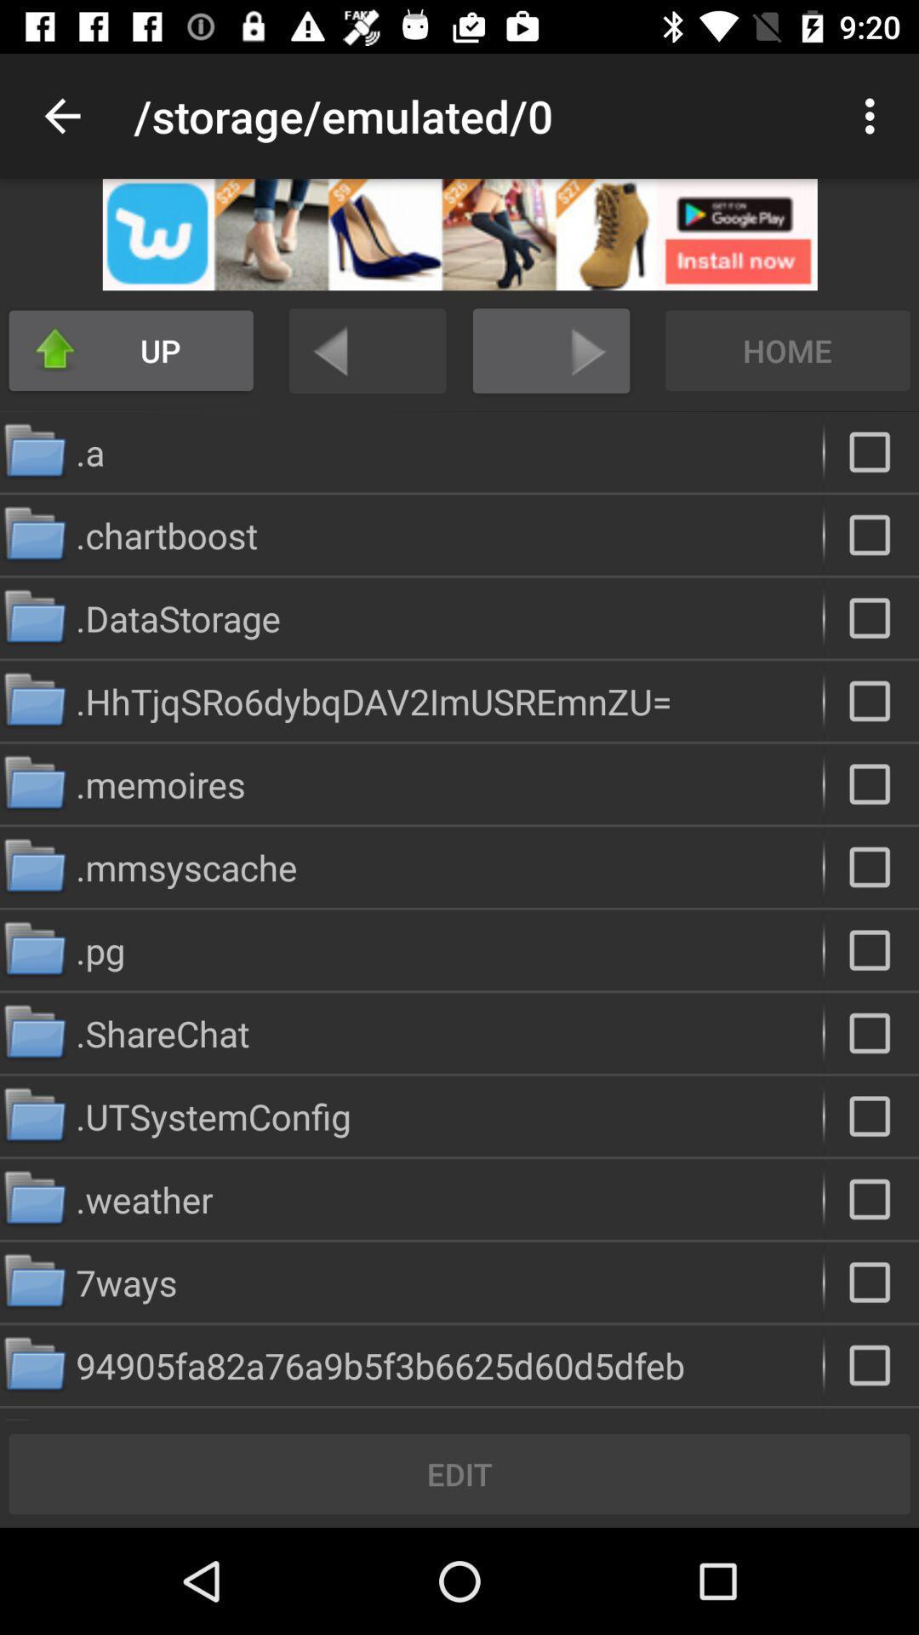 The width and height of the screenshot is (919, 1635). Describe the element at coordinates (871, 452) in the screenshot. I see `folder` at that location.